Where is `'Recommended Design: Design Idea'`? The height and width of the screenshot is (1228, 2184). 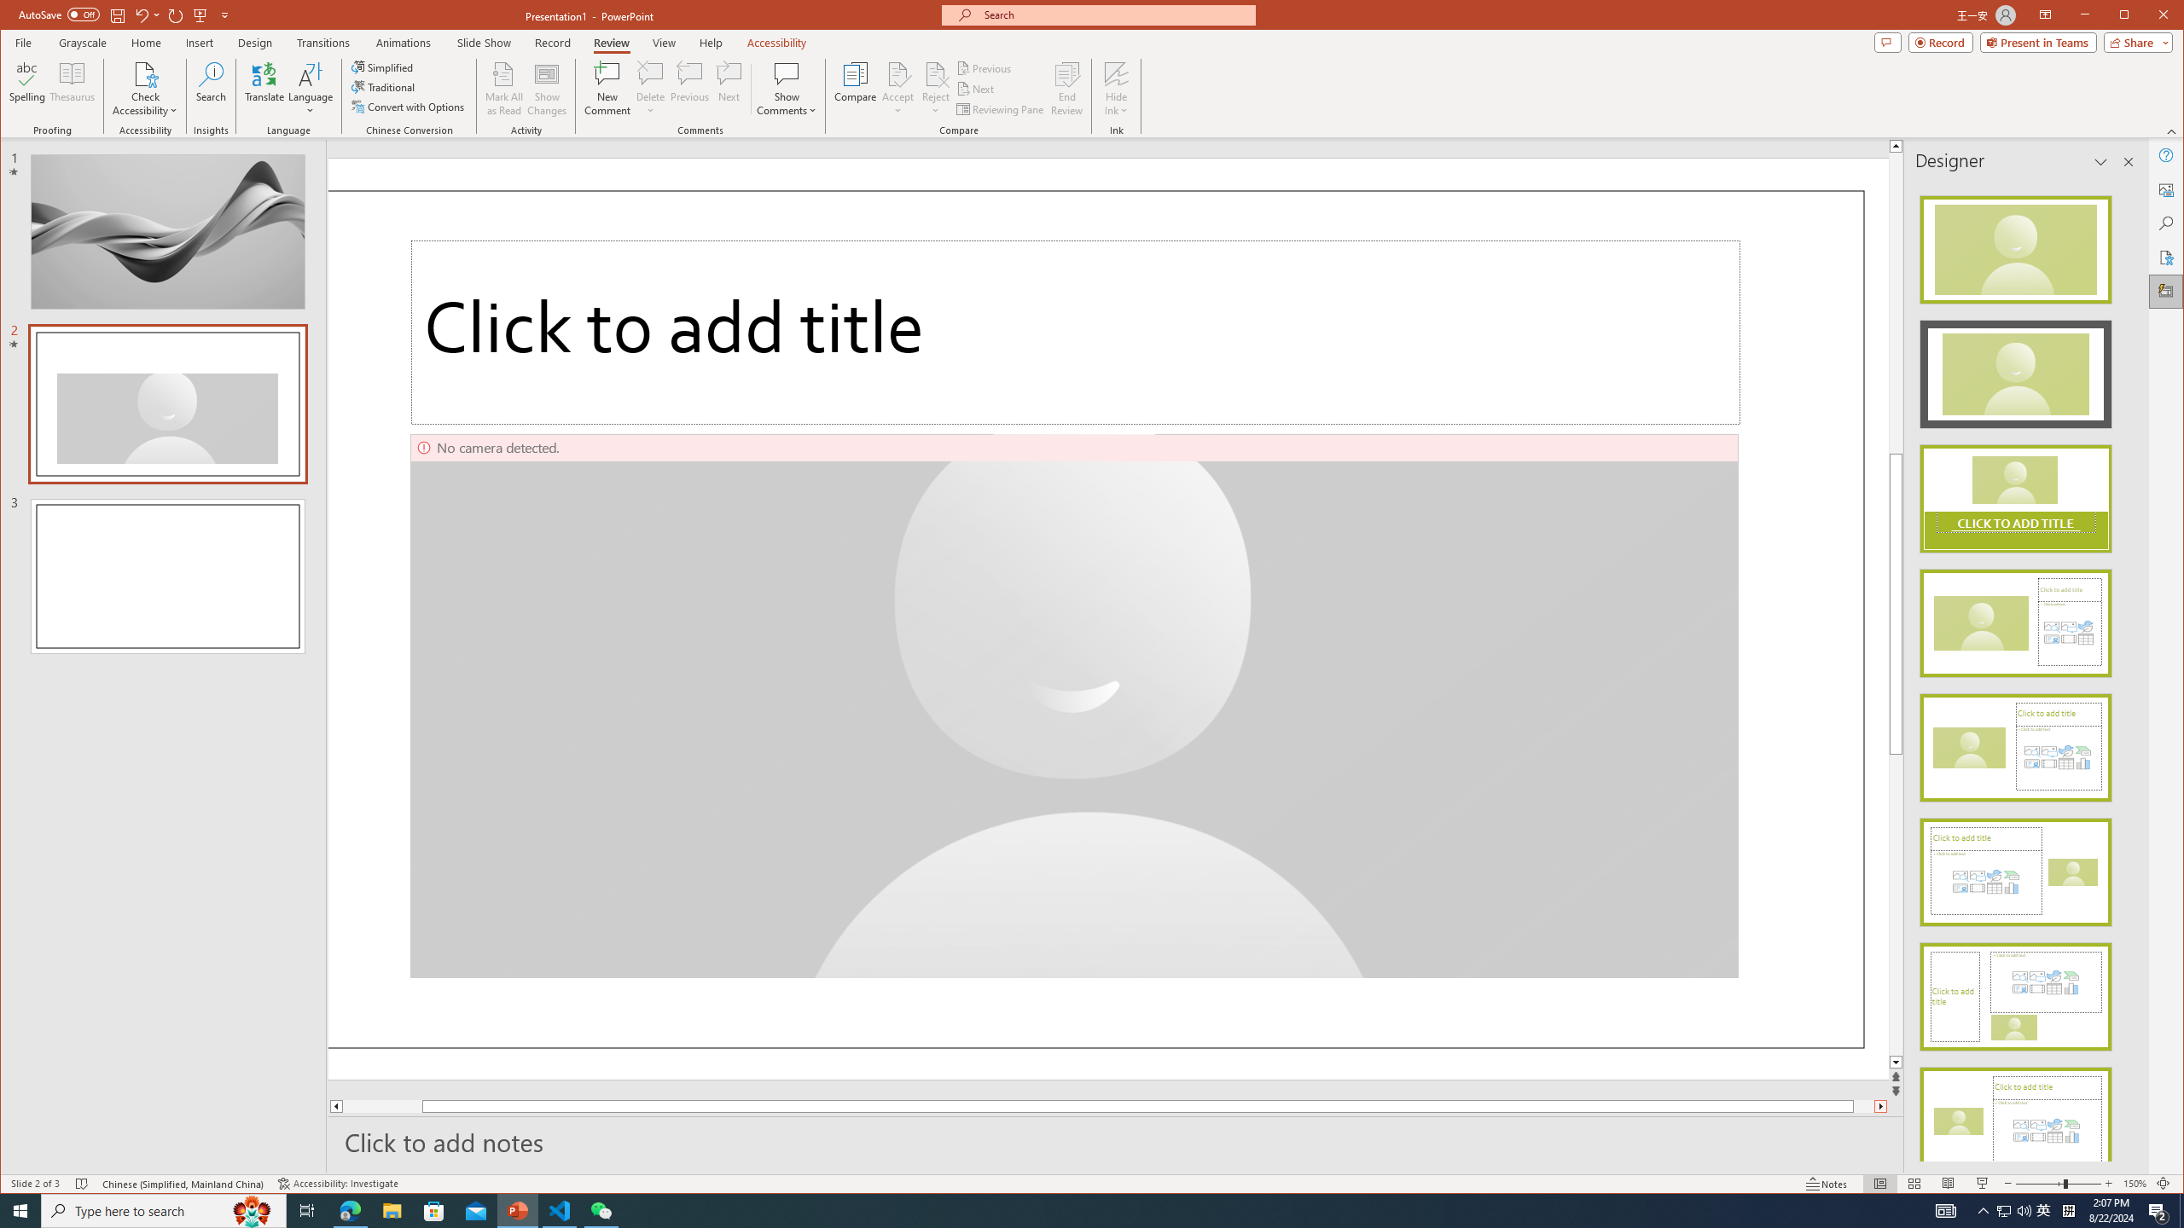
'Recommended Design: Design Idea' is located at coordinates (2014, 245).